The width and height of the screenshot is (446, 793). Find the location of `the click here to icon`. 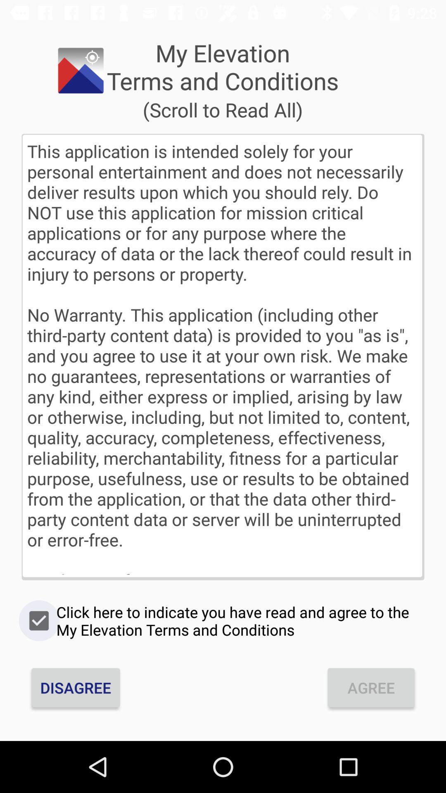

the click here to icon is located at coordinates (223, 621).